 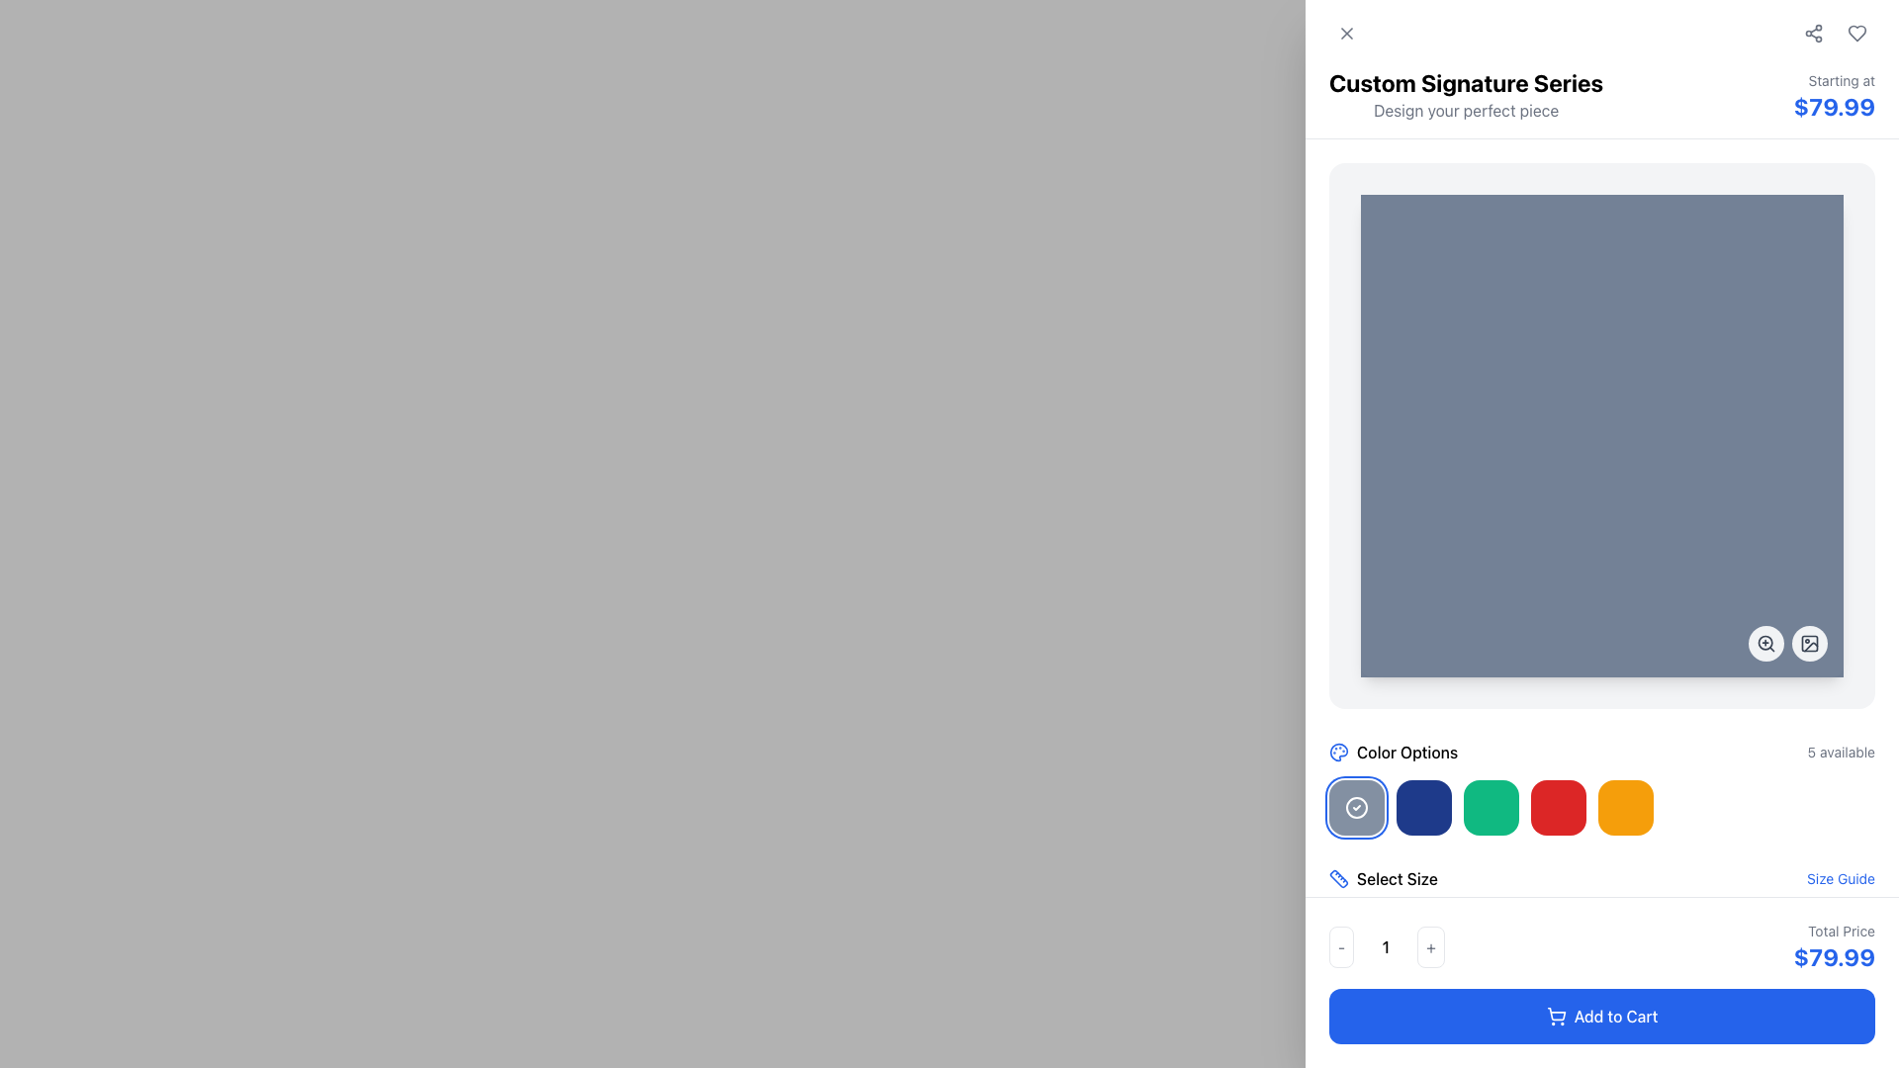 What do you see at coordinates (1855, 34) in the screenshot?
I see `the heart icon button located in the top-right corner of the interface, which is styled in gray and serves as a favorite action` at bounding box center [1855, 34].